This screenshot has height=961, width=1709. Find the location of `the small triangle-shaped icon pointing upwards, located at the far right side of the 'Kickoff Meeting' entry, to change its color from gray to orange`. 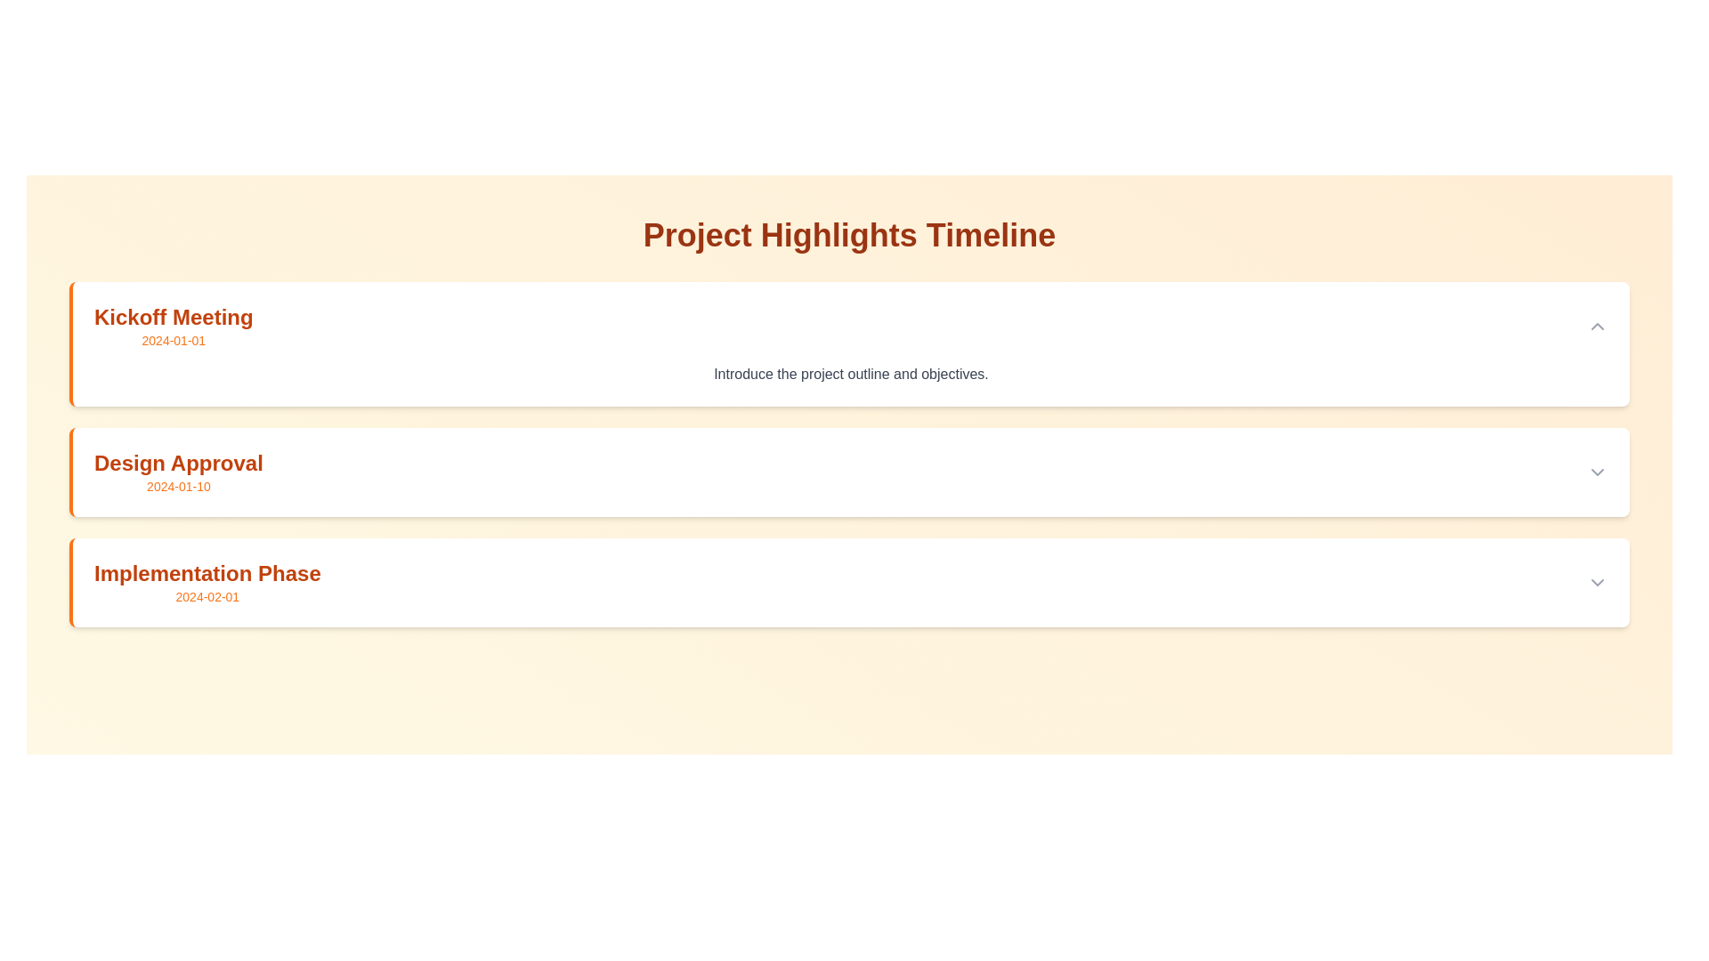

the small triangle-shaped icon pointing upwards, located at the far right side of the 'Kickoff Meeting' entry, to change its color from gray to orange is located at coordinates (1598, 326).